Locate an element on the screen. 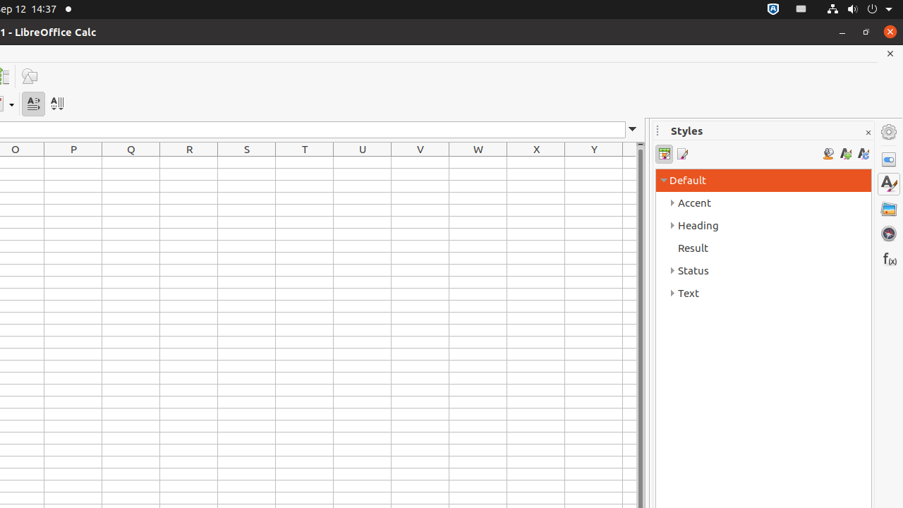 Image resolution: width=903 pixels, height=508 pixels. 'Close Sidebar Deck' is located at coordinates (867, 133).